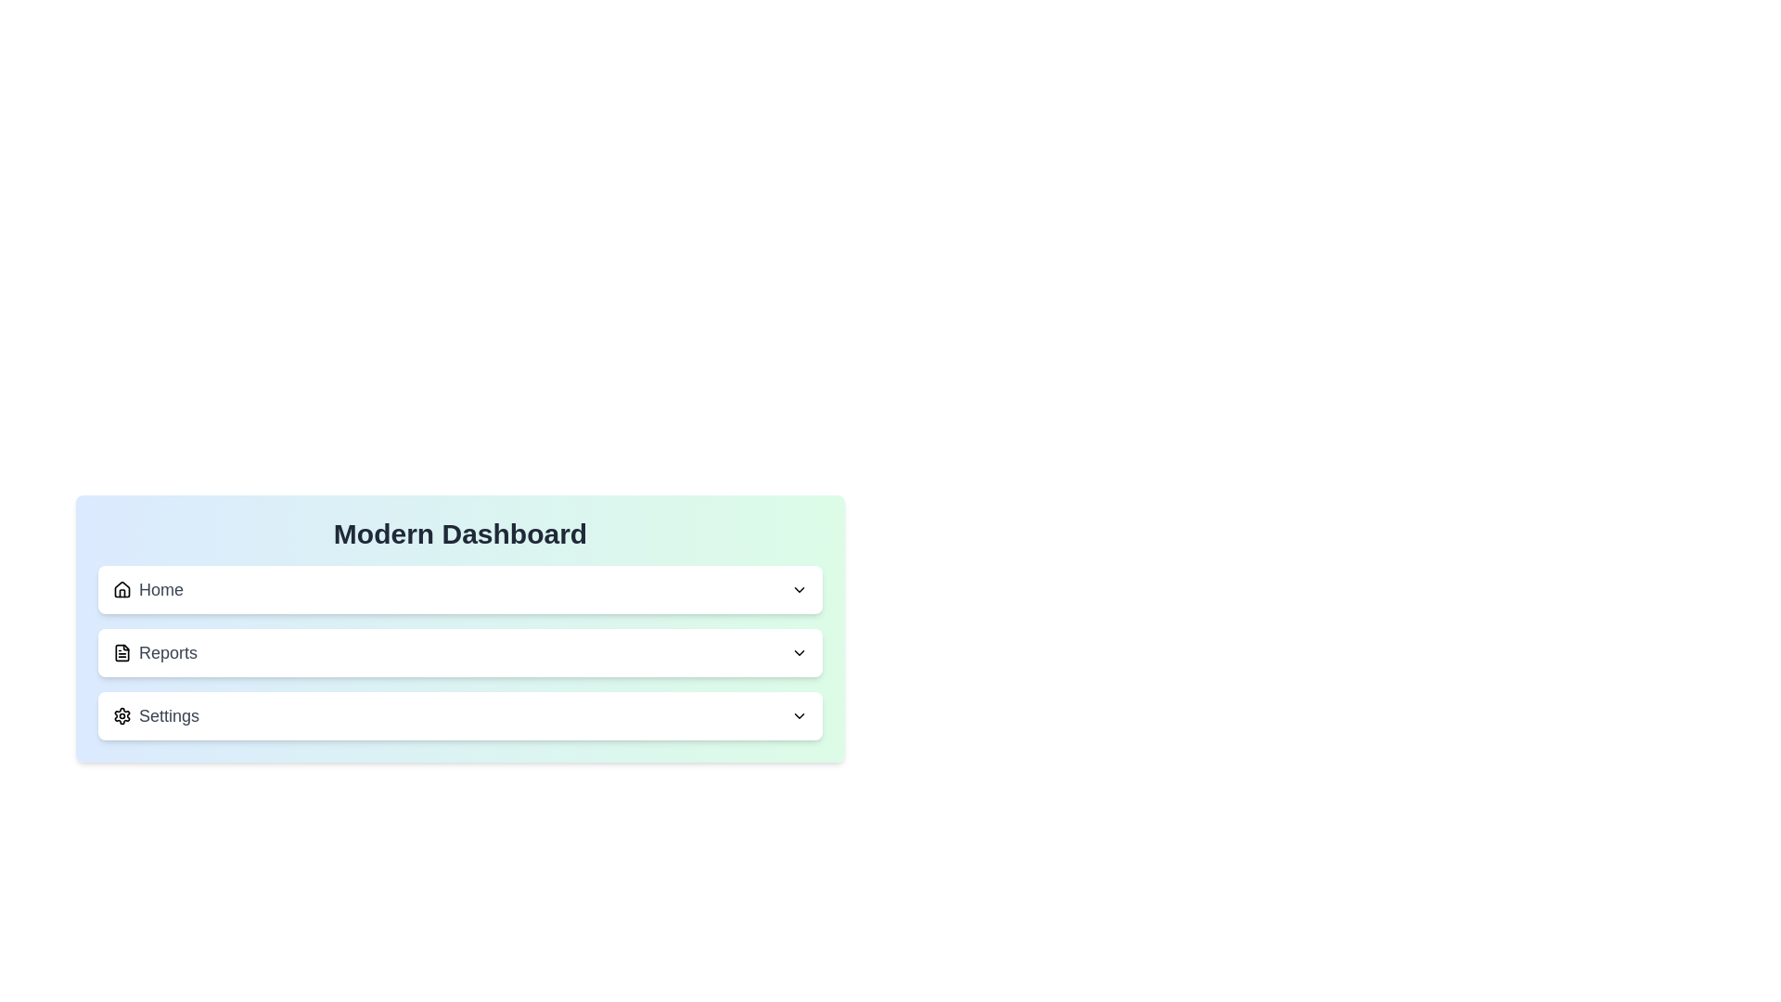  What do you see at coordinates (155, 652) in the screenshot?
I see `the 'Reports' navigation menu item` at bounding box center [155, 652].